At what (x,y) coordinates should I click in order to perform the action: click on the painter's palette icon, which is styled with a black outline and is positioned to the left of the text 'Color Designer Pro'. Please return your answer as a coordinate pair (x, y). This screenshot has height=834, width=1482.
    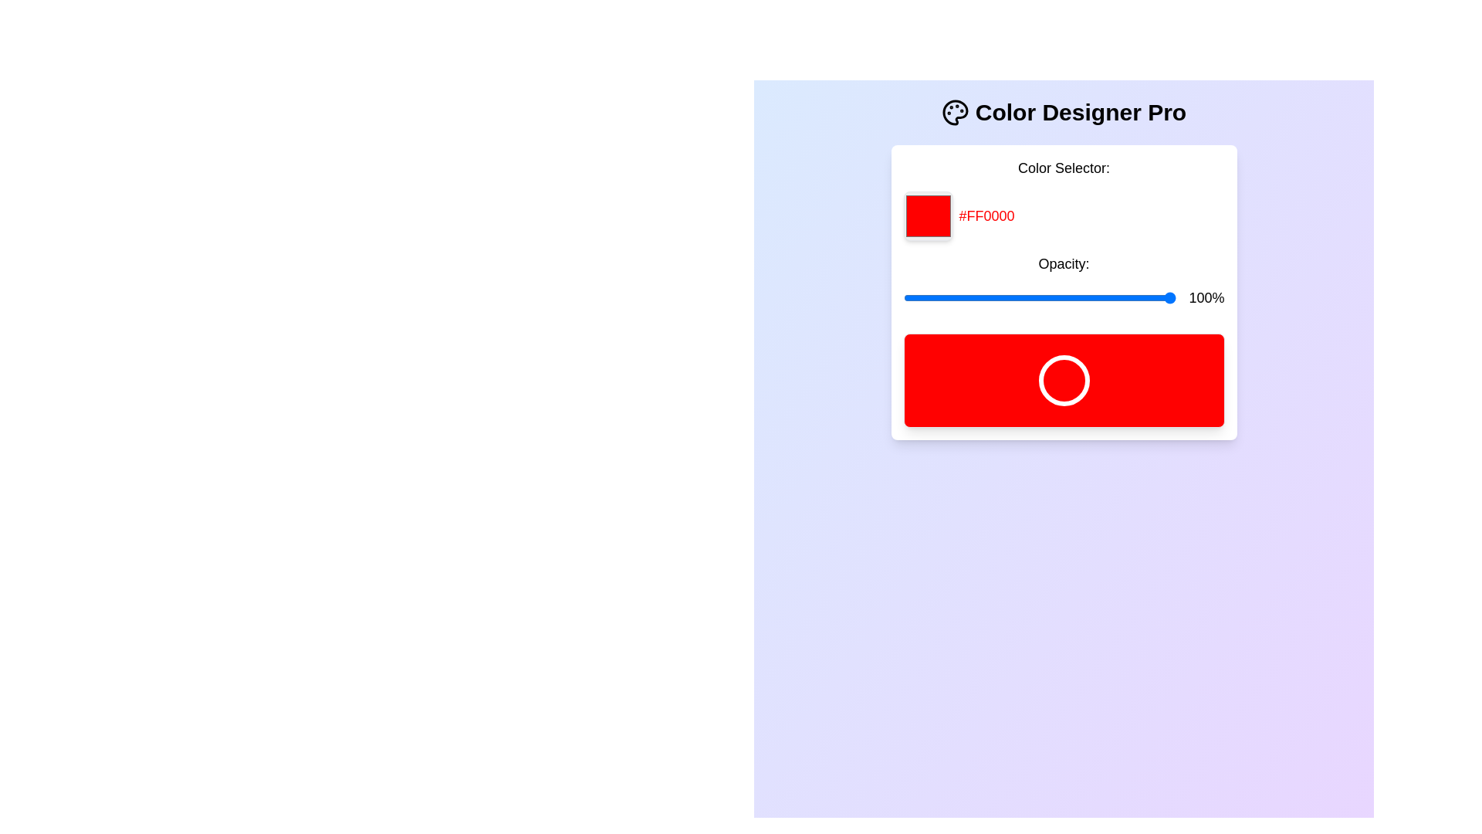
    Looking at the image, I should click on (954, 112).